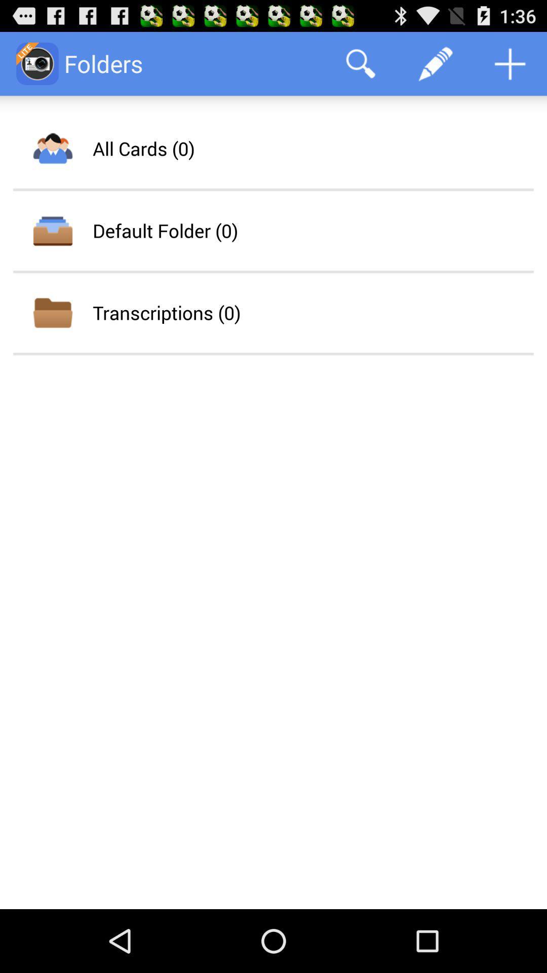  What do you see at coordinates (165, 230) in the screenshot?
I see `the app below the all cards (0) icon` at bounding box center [165, 230].